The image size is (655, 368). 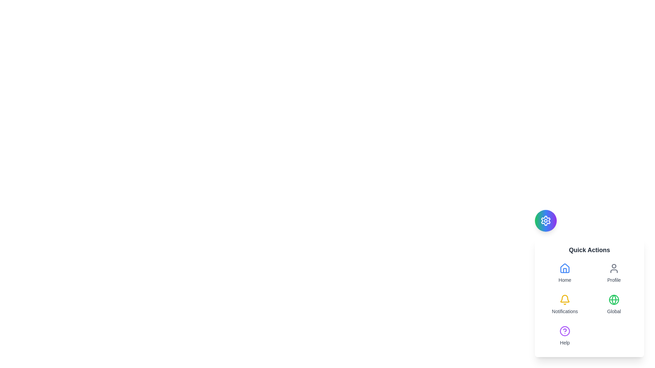 I want to click on the globe icon in outline design with green color, located within the 'Global' section of the 'Quick Actions' menu, so click(x=614, y=299).